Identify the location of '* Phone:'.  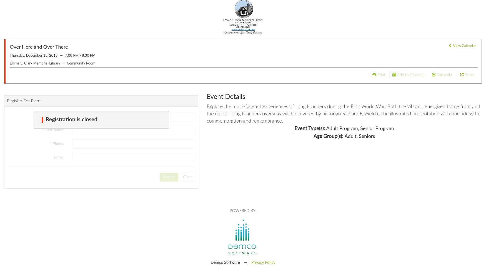
(57, 144).